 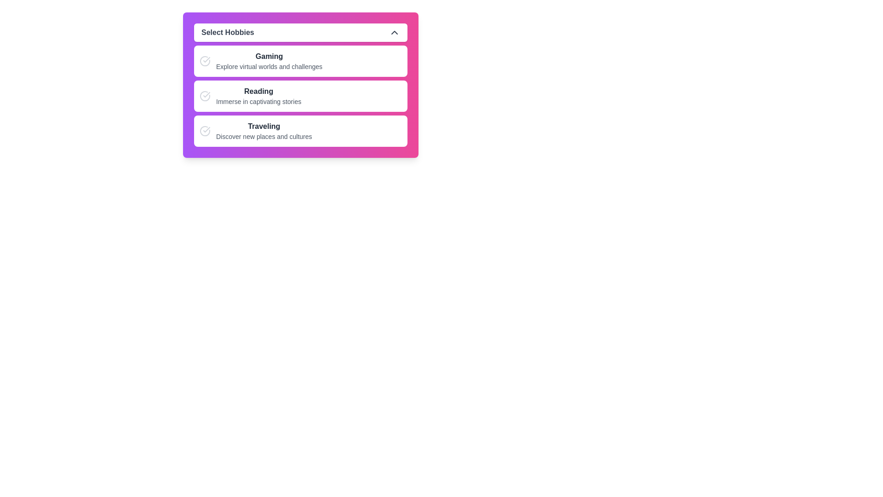 What do you see at coordinates (205, 61) in the screenshot?
I see `the circular gray icon with a checkmark within it, located in the first list item labeled 'Gaming - Explore virtual worlds and challenges'` at bounding box center [205, 61].